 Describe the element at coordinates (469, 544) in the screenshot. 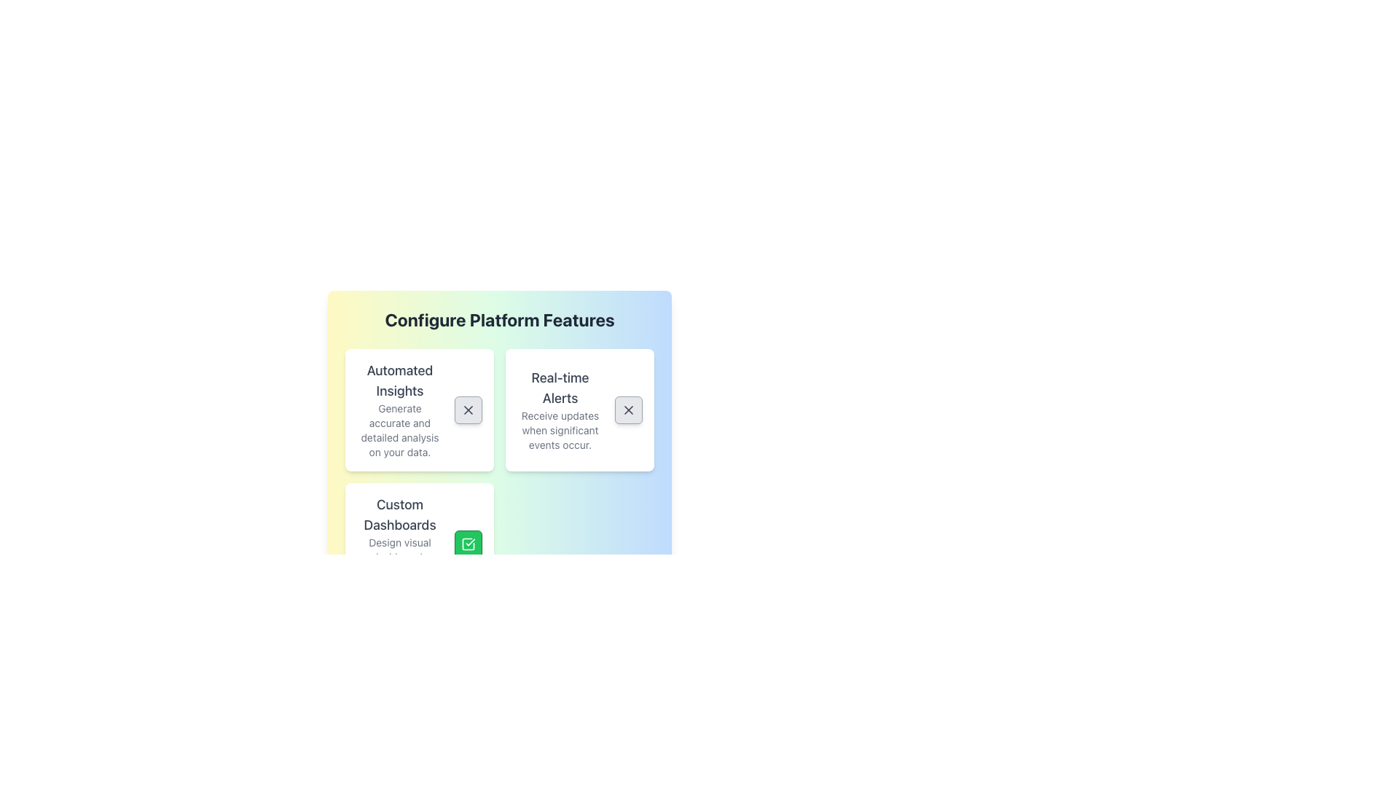

I see `the confirmation icon located at the center of the green button below the 'Custom Dashboards' section to indicate selection or confirmation` at that location.